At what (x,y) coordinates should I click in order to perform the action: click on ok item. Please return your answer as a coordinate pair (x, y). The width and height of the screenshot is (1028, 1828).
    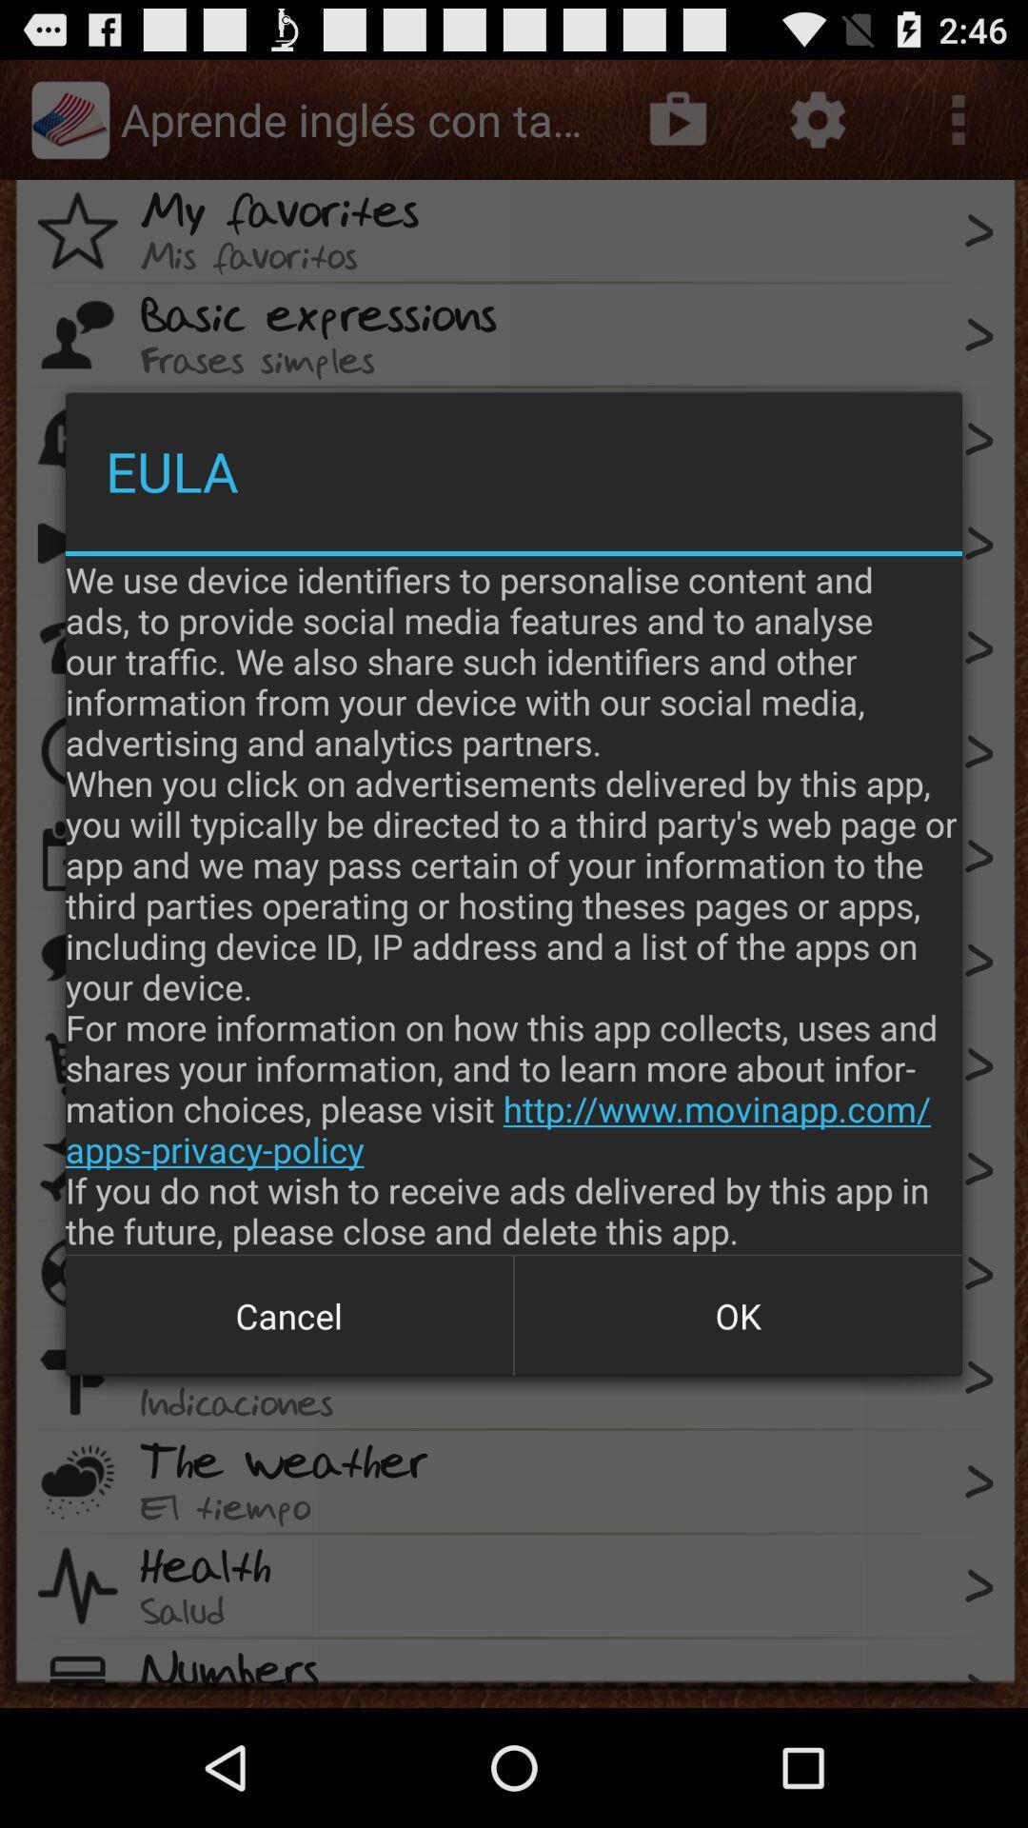
    Looking at the image, I should click on (737, 1315).